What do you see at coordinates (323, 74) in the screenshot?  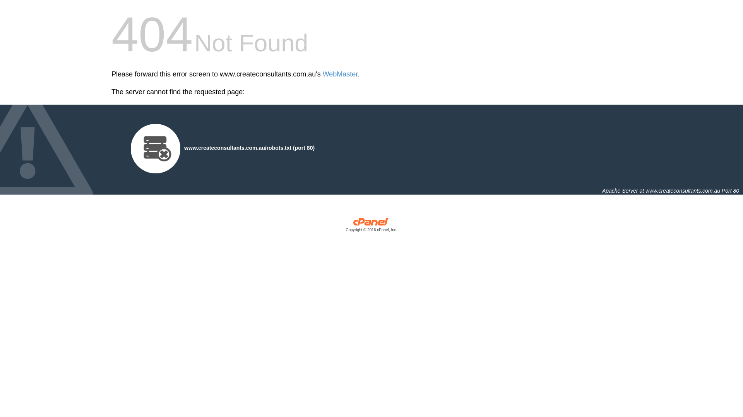 I see `'WebMaster'` at bounding box center [323, 74].